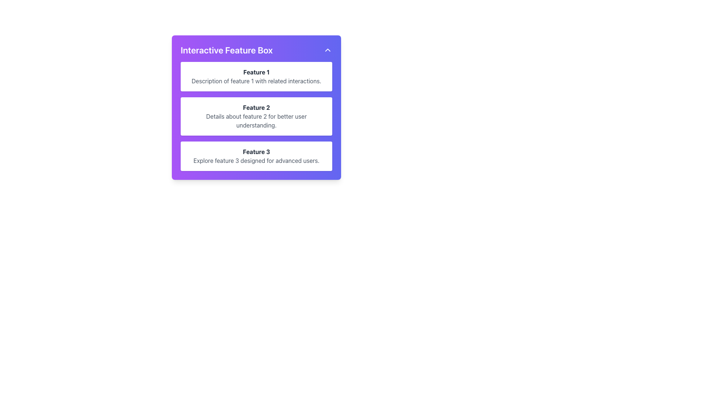 The image size is (708, 398). I want to click on the Informational Card displaying 'Feature 2', which is the second card in a vertical list of three similar cards, so click(256, 116).